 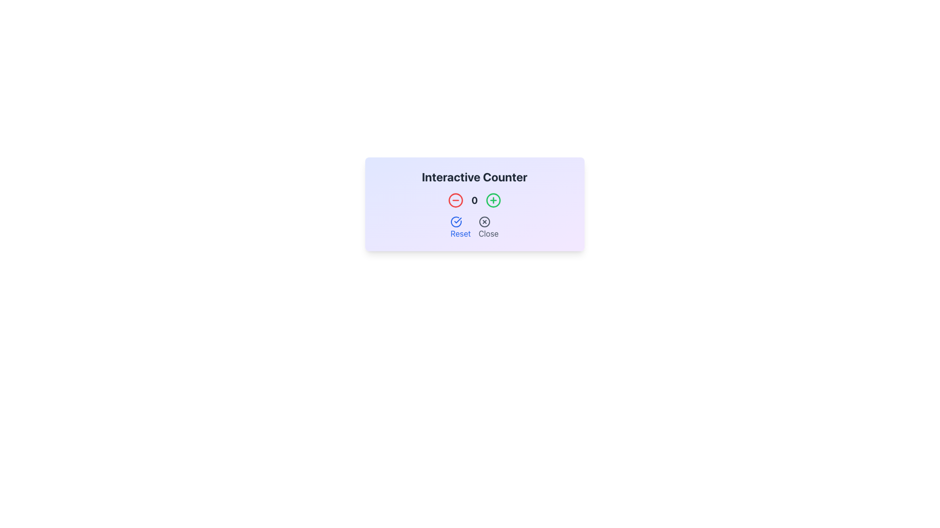 I want to click on the 'Close' button located at the bottom-right of the 'Reset Close' group, so click(x=489, y=228).